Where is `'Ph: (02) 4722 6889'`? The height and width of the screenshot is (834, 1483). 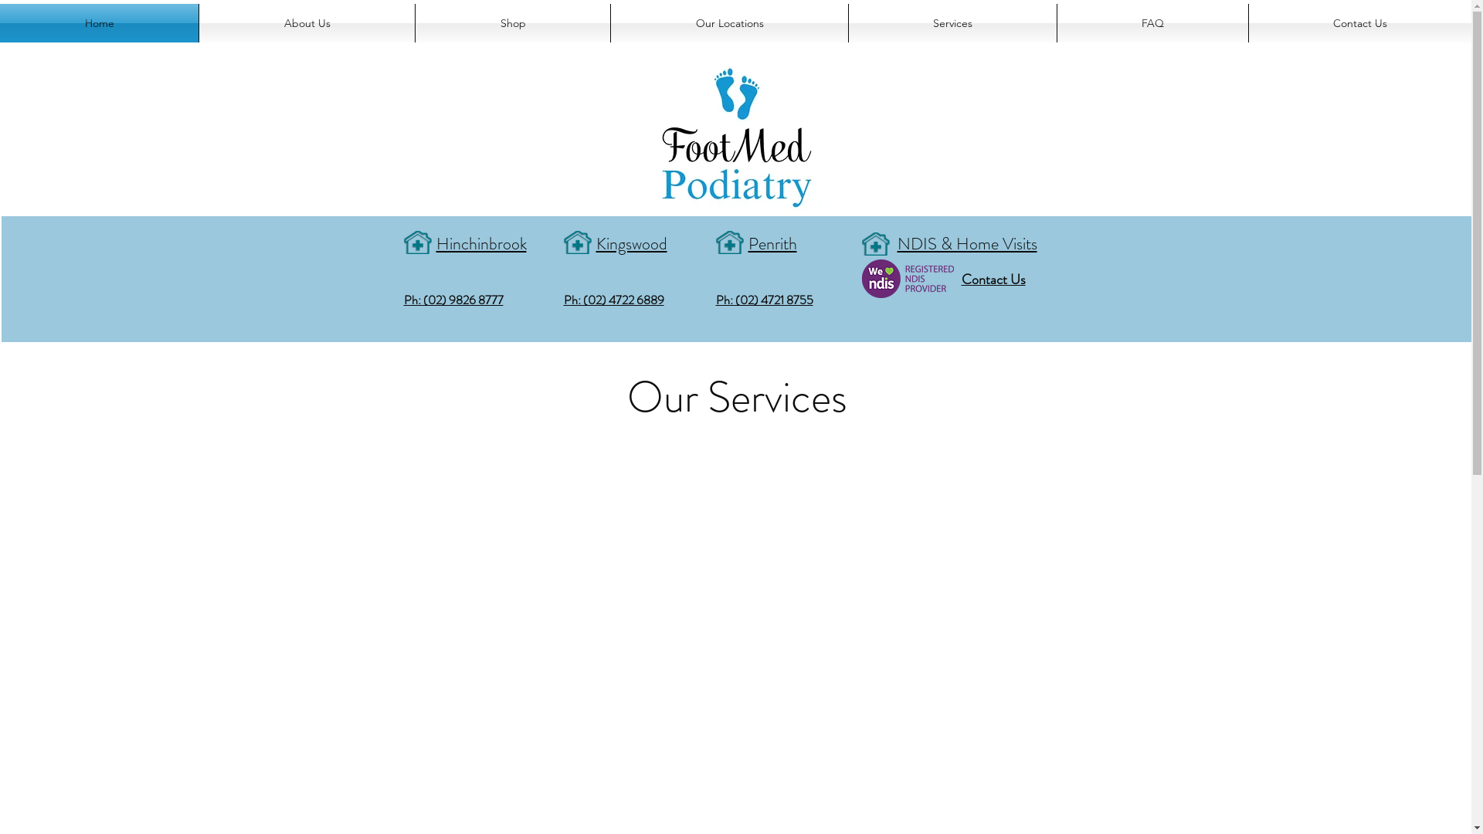 'Ph: (02) 4722 6889' is located at coordinates (562, 298).